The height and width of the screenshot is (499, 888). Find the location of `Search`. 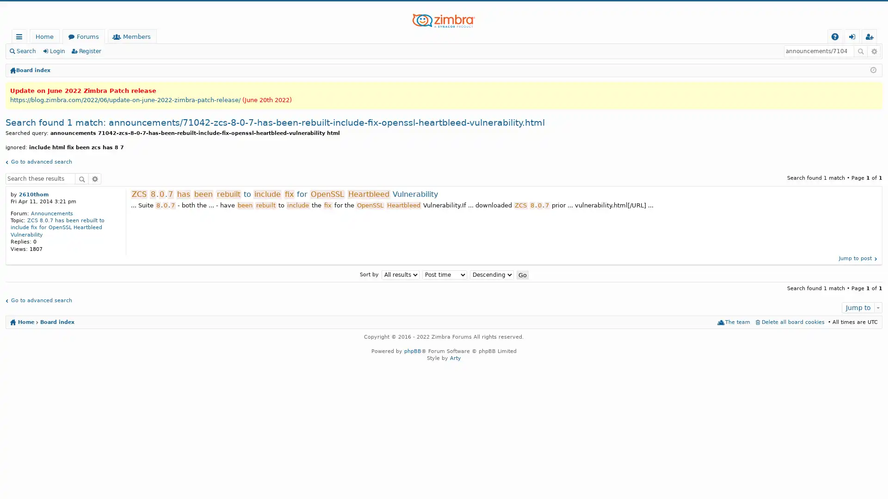

Search is located at coordinates (82, 178).